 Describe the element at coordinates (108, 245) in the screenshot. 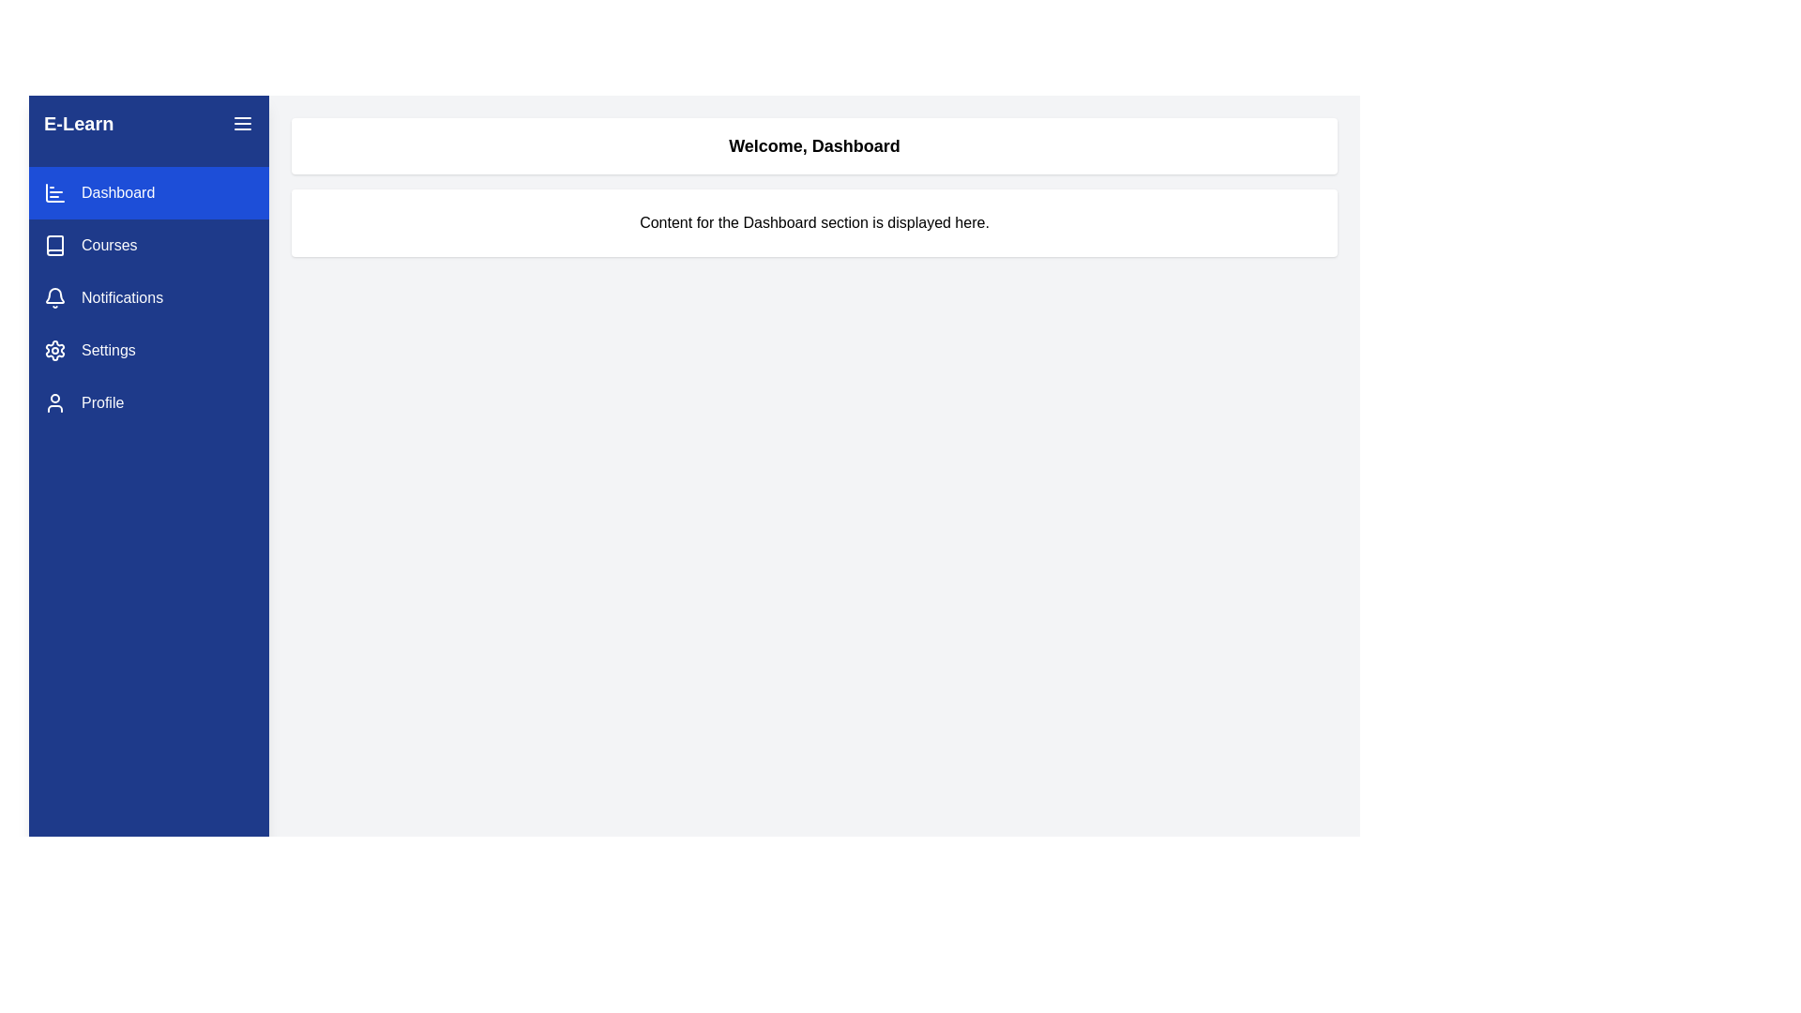

I see `the 'Courses' navigation option in the sidebar menu` at that location.